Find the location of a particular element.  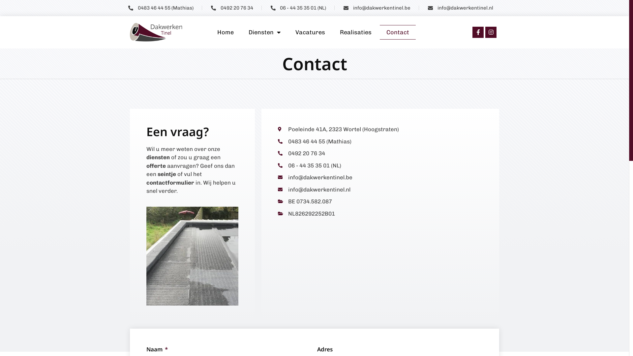

'06 - 44 35 35 01 (NL)' is located at coordinates (298, 8).